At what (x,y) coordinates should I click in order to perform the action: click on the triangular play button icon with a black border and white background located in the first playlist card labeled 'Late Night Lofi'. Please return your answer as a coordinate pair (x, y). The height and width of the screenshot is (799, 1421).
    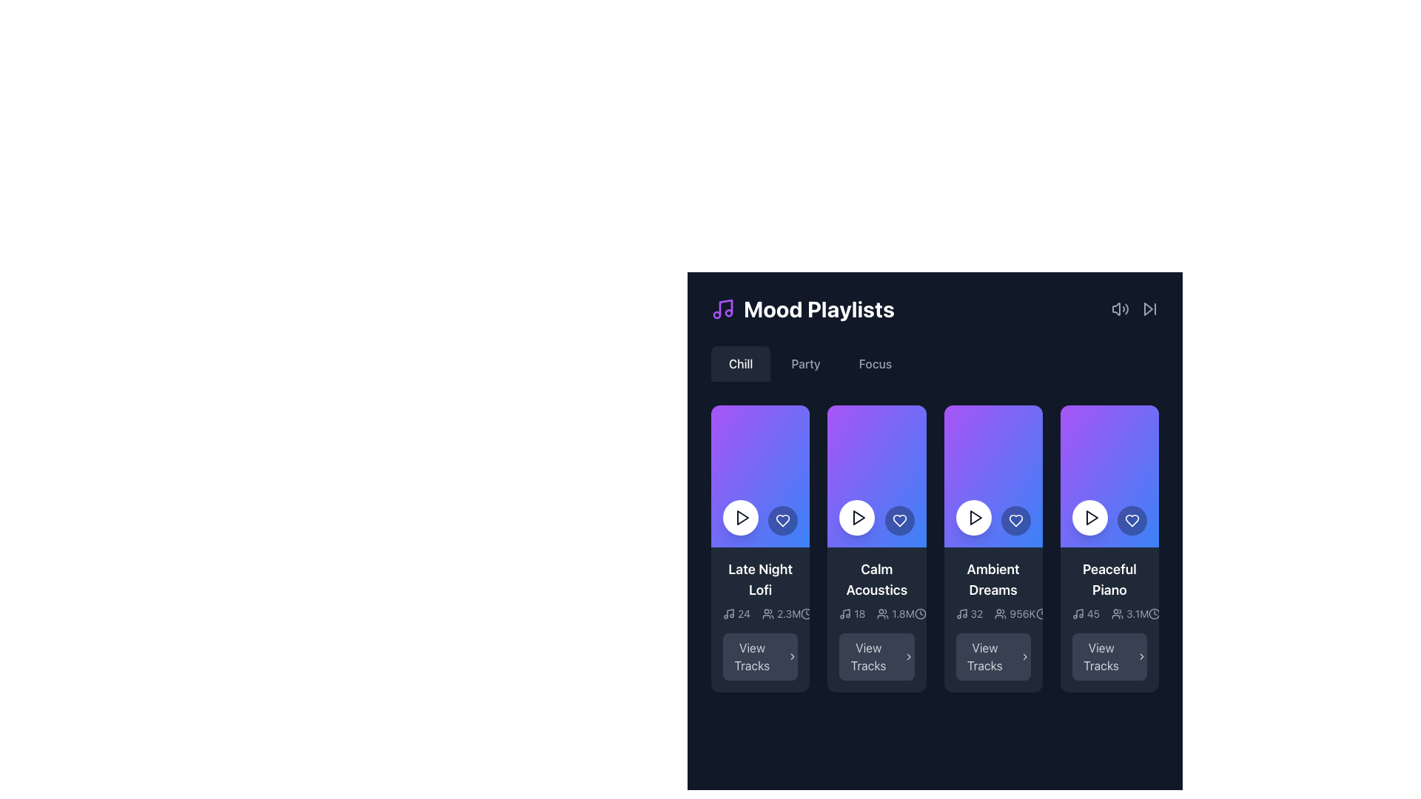
    Looking at the image, I should click on (742, 516).